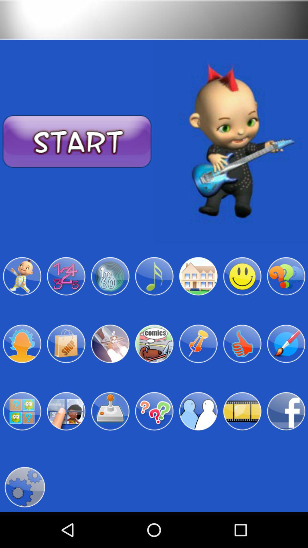 This screenshot has height=548, width=308. What do you see at coordinates (77, 142) in the screenshot?
I see `start playing` at bounding box center [77, 142].